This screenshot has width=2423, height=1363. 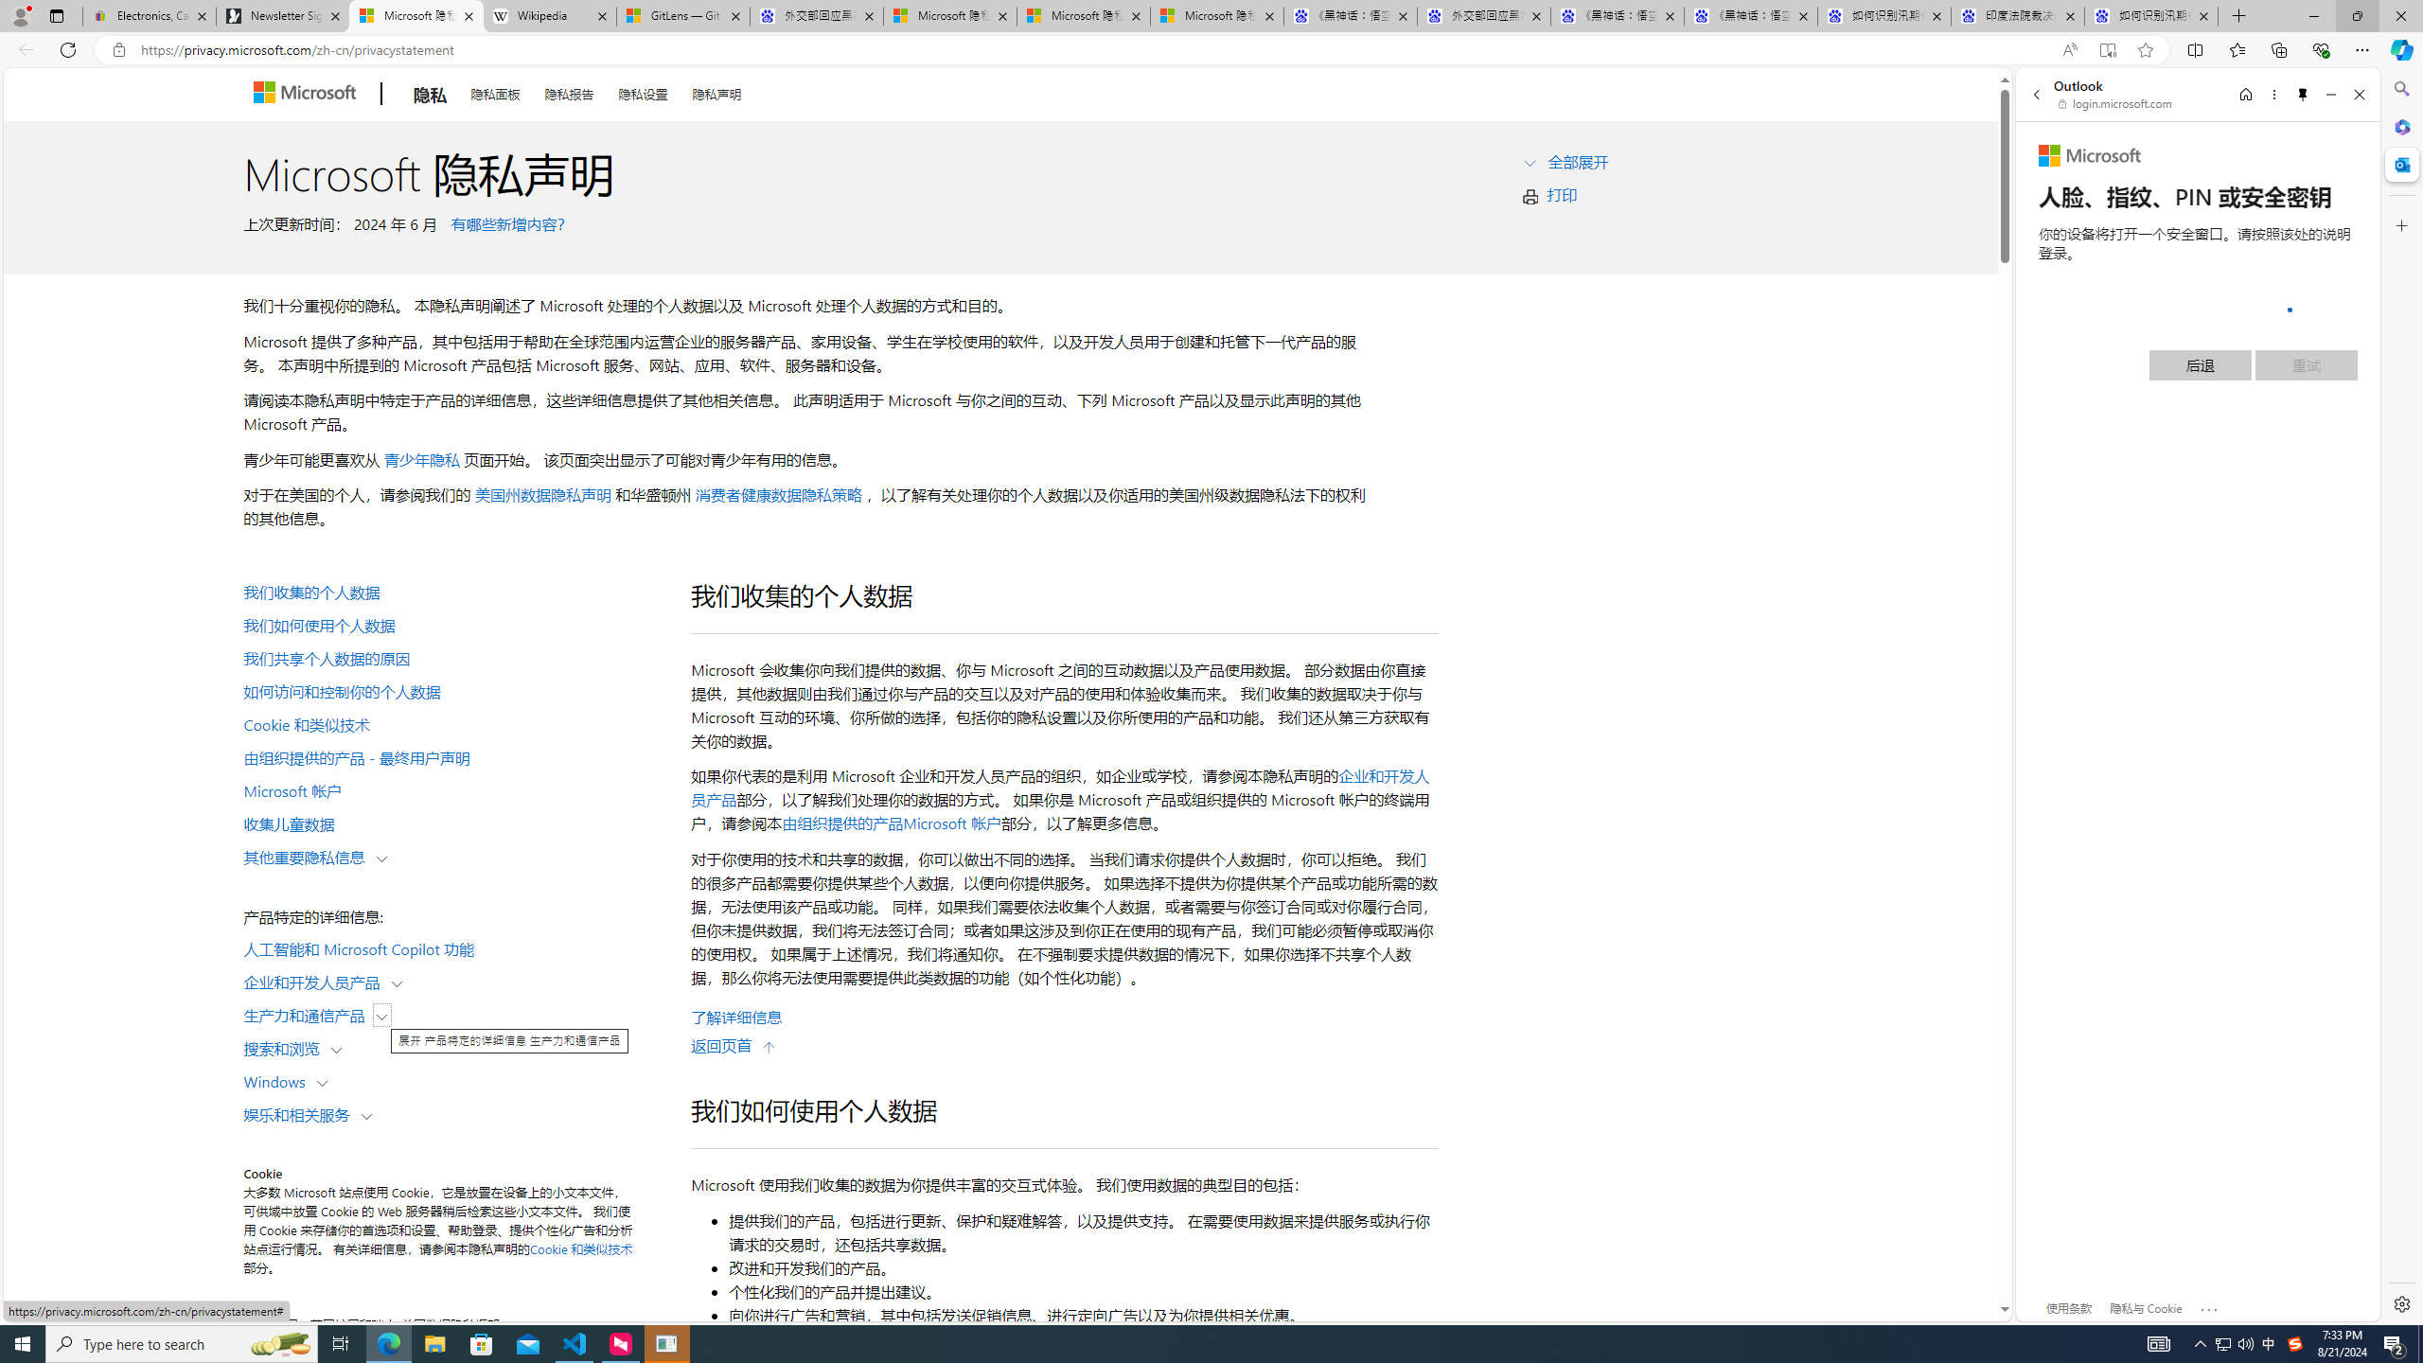 What do you see at coordinates (277, 1080) in the screenshot?
I see `'Windows'` at bounding box center [277, 1080].